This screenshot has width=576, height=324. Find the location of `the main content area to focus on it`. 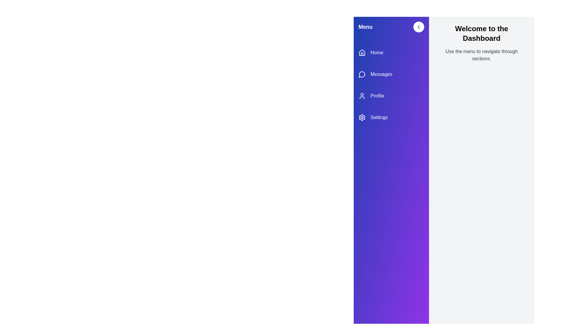

the main content area to focus on it is located at coordinates (481, 178).